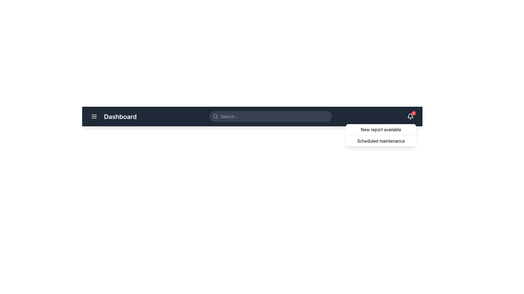 The width and height of the screenshot is (524, 294). Describe the element at coordinates (215, 116) in the screenshot. I see `the search icon located on the left side of the search bar, which serves as a visual cue for the search functionality` at that location.